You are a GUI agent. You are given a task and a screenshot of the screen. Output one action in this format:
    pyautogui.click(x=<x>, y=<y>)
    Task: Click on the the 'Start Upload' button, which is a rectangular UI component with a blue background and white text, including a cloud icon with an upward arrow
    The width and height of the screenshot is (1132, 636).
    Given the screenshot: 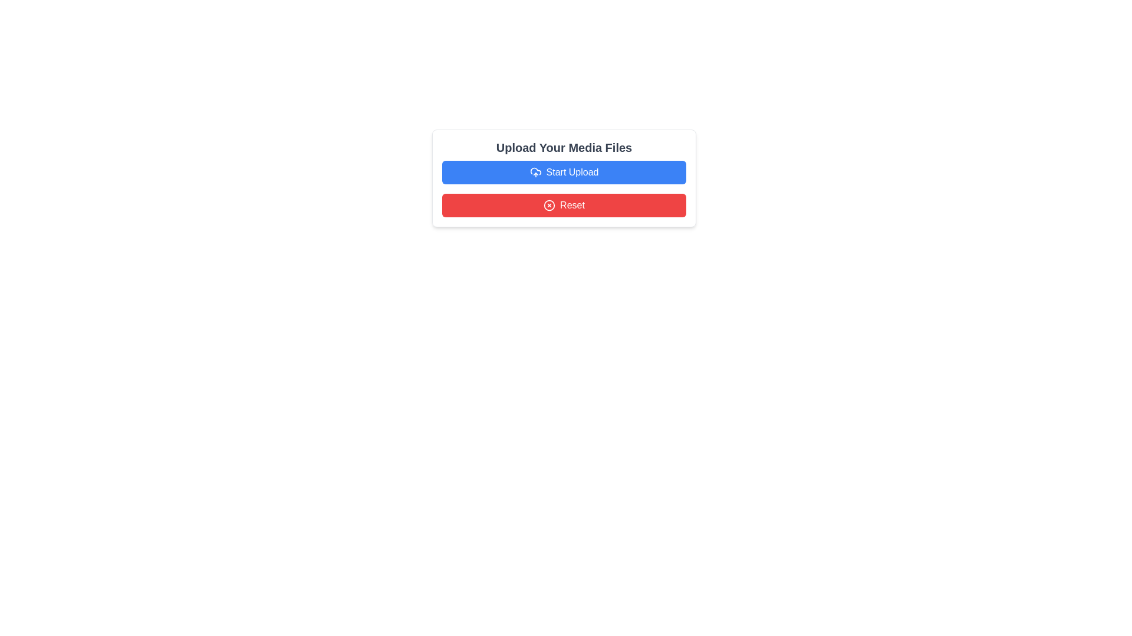 What is the action you would take?
    pyautogui.click(x=563, y=178)
    